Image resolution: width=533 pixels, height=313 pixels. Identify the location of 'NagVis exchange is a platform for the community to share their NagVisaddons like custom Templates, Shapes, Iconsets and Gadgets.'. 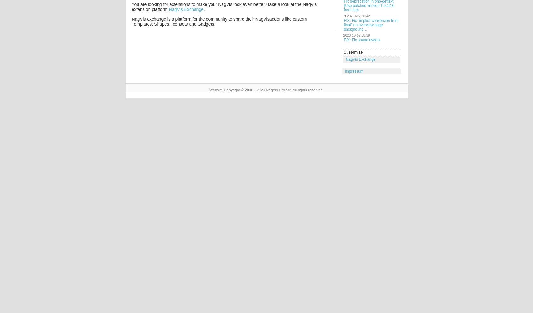
(219, 21).